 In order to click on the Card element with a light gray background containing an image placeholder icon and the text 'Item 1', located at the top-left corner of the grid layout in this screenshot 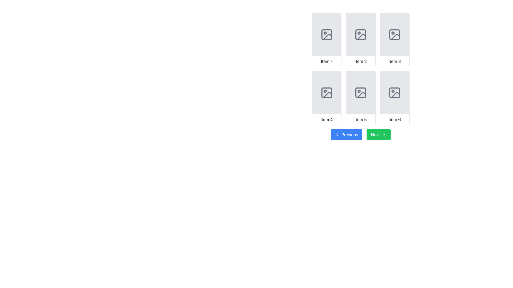, I will do `click(326, 40)`.